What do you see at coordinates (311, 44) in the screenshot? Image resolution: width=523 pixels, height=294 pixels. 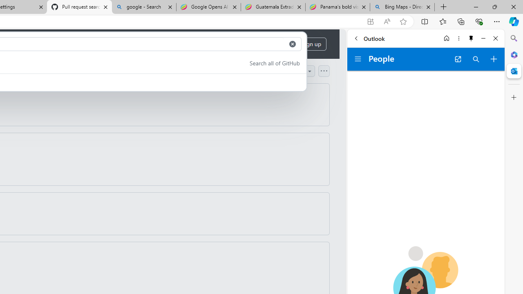 I see `'Sign up'` at bounding box center [311, 44].